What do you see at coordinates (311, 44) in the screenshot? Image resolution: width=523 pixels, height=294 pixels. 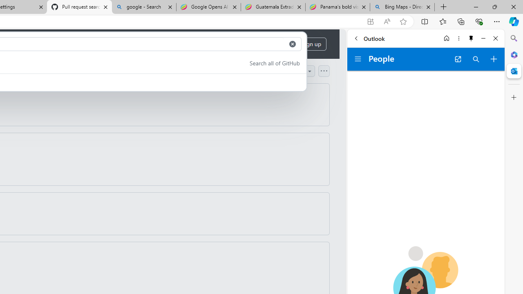 I see `'Sign up'` at bounding box center [311, 44].